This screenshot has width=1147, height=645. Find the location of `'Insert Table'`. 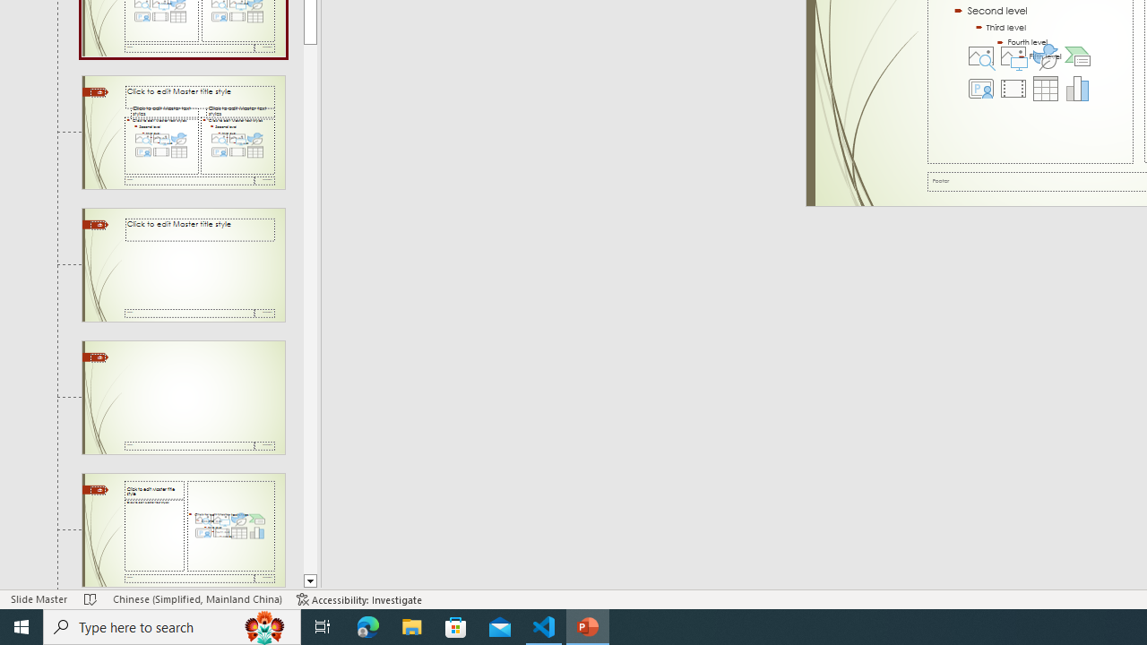

'Insert Table' is located at coordinates (1045, 89).